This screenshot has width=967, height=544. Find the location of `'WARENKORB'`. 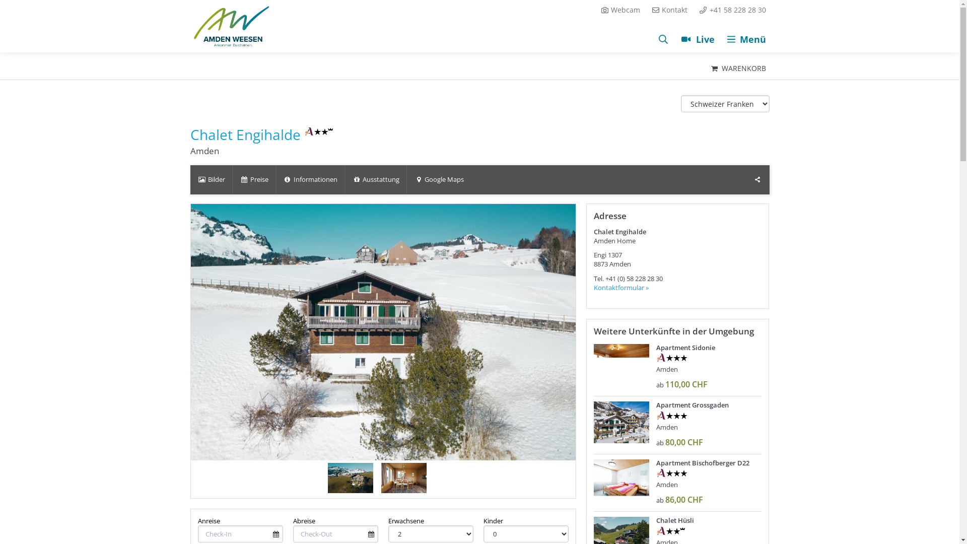

'WARENKORB' is located at coordinates (705, 68).